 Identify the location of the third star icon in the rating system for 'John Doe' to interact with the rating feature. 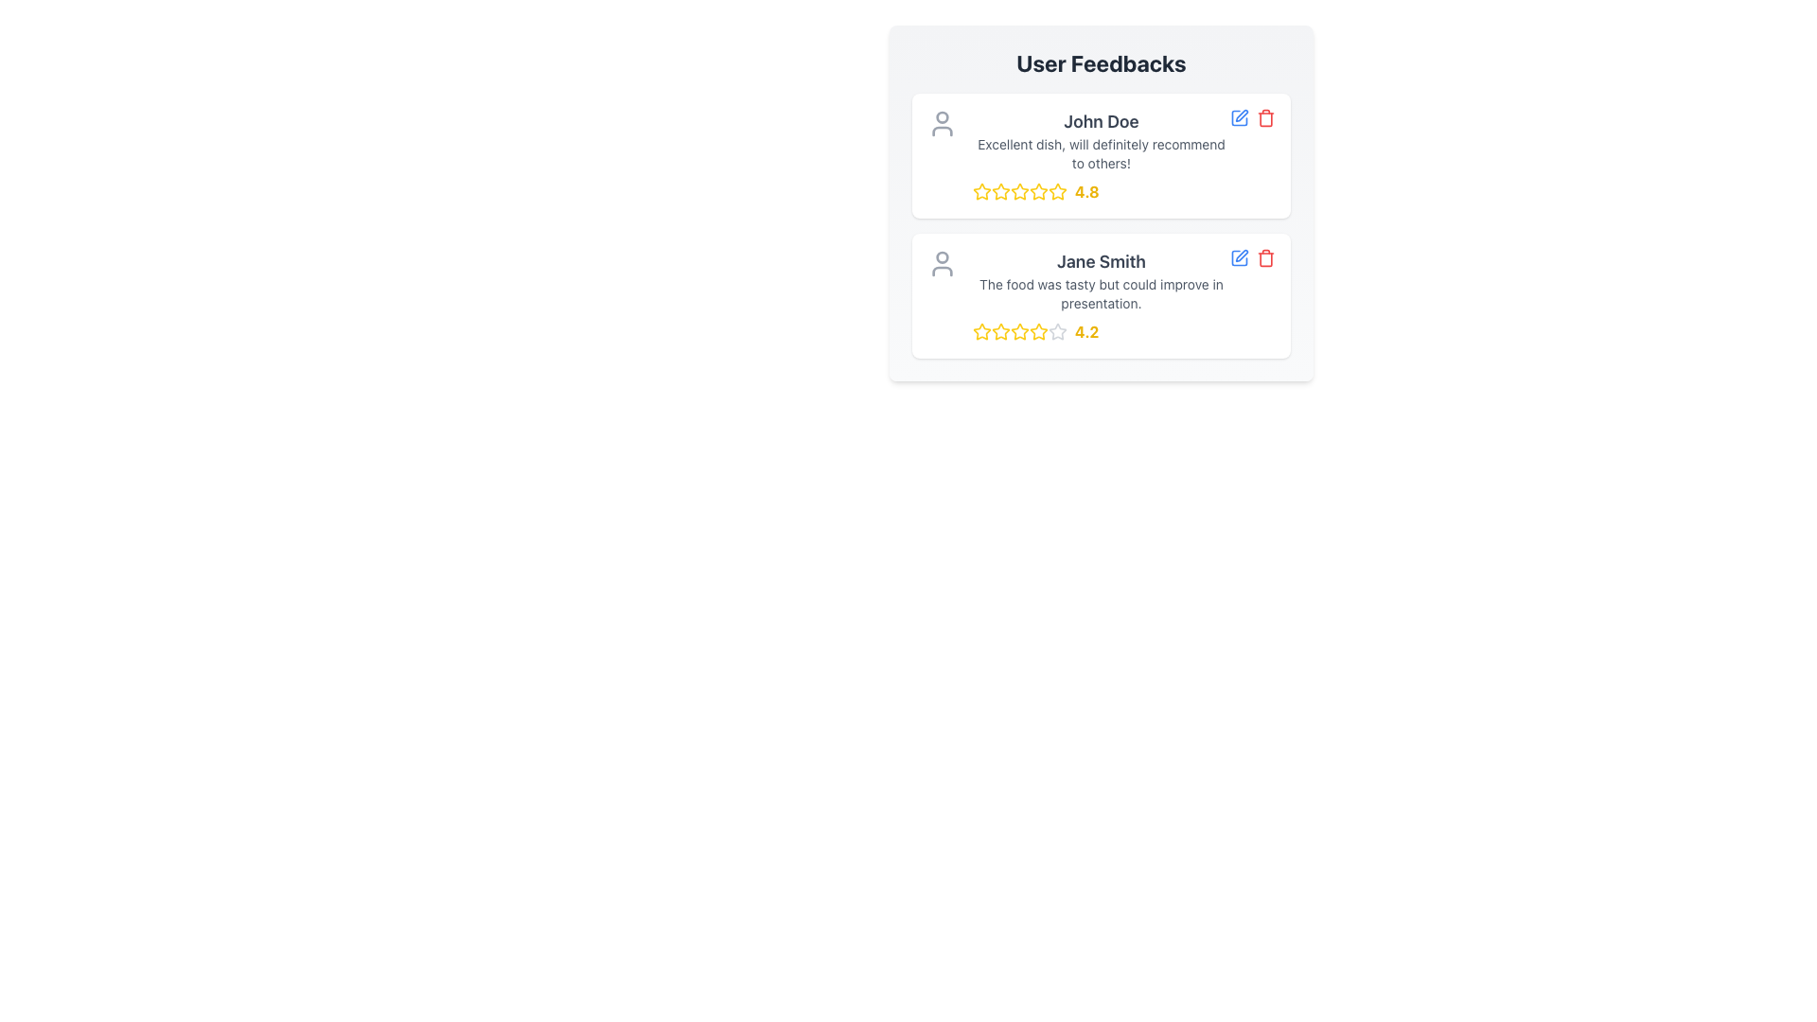
(1019, 191).